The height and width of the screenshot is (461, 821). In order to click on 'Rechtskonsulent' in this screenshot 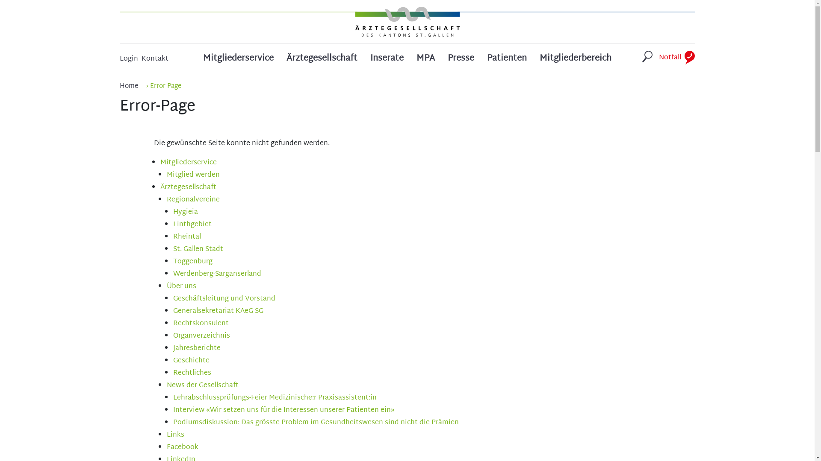, I will do `click(200, 324)`.